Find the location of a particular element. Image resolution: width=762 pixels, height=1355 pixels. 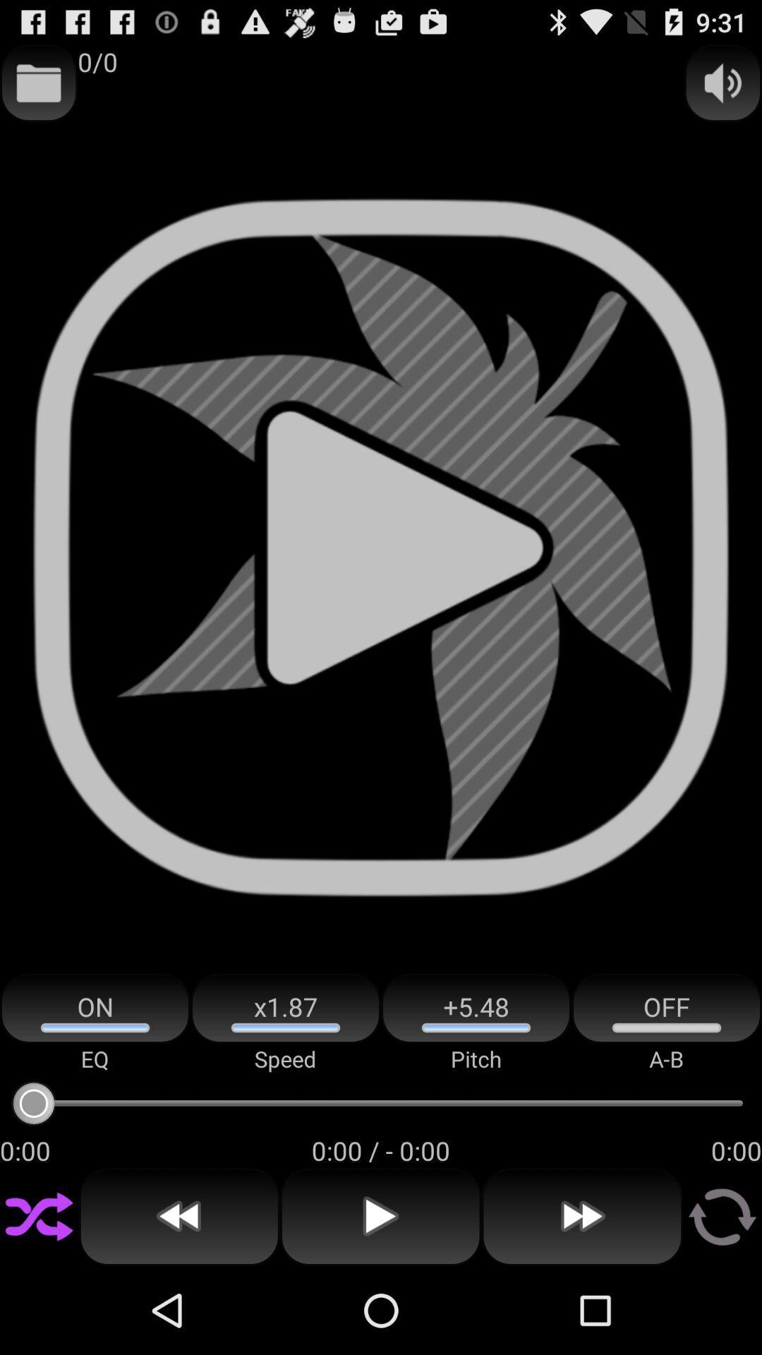

the icon next to the on item is located at coordinates (286, 1008).